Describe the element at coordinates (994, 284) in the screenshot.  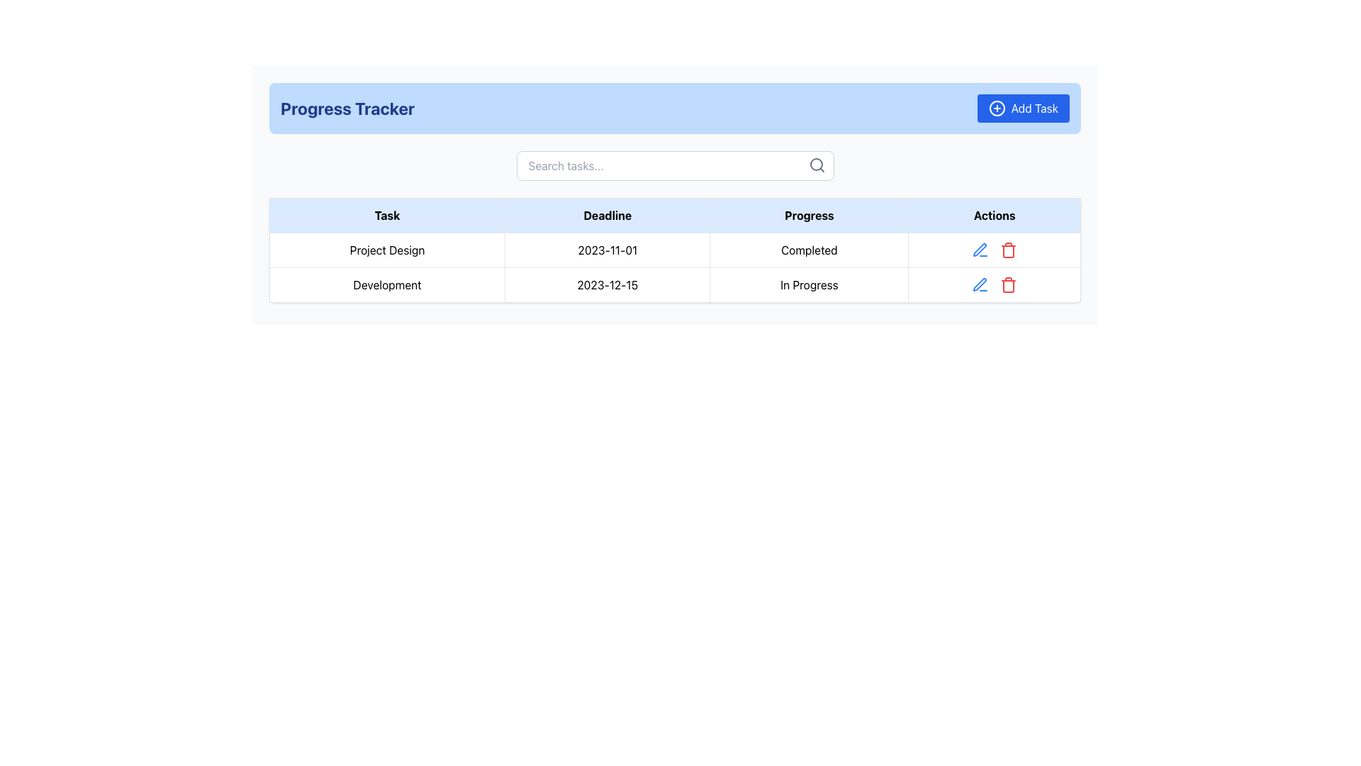
I see `the icons in the second row of the 'Actions' column in the table` at that location.